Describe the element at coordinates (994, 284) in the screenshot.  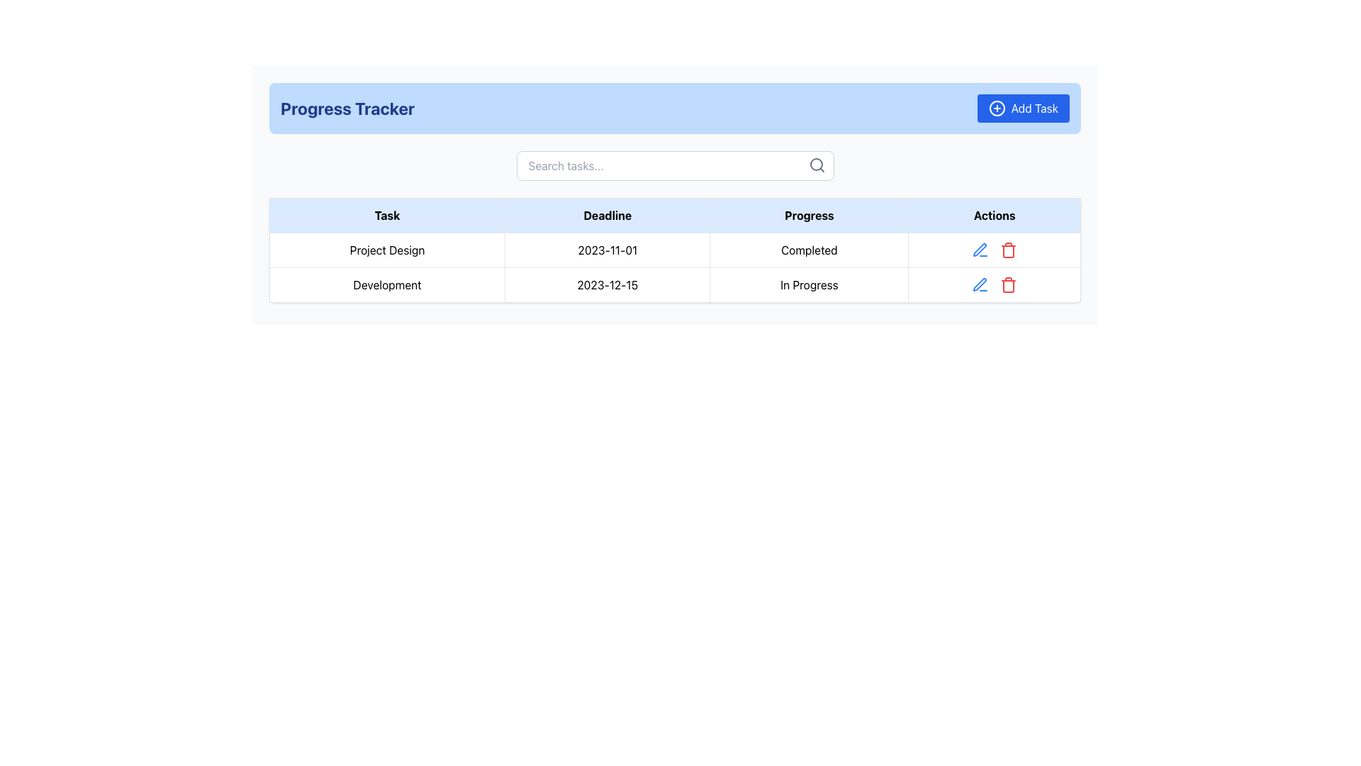
I see `the icons in the second row of the 'Actions' column in the table` at that location.